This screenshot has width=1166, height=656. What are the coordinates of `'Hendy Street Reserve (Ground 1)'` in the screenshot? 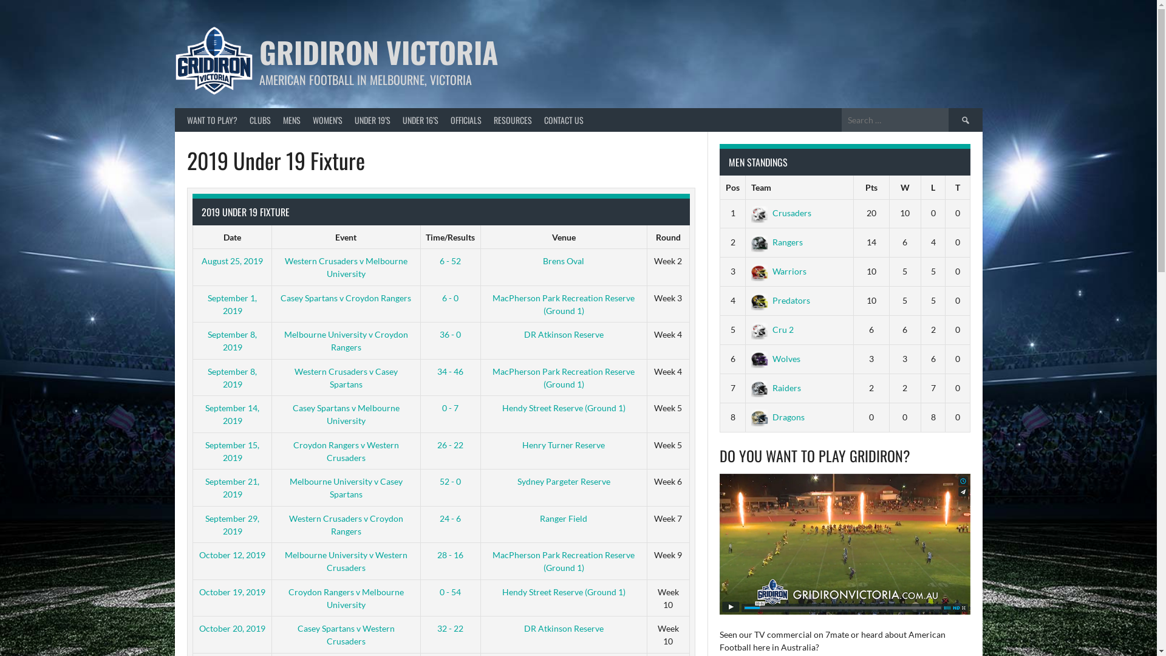 It's located at (563, 408).